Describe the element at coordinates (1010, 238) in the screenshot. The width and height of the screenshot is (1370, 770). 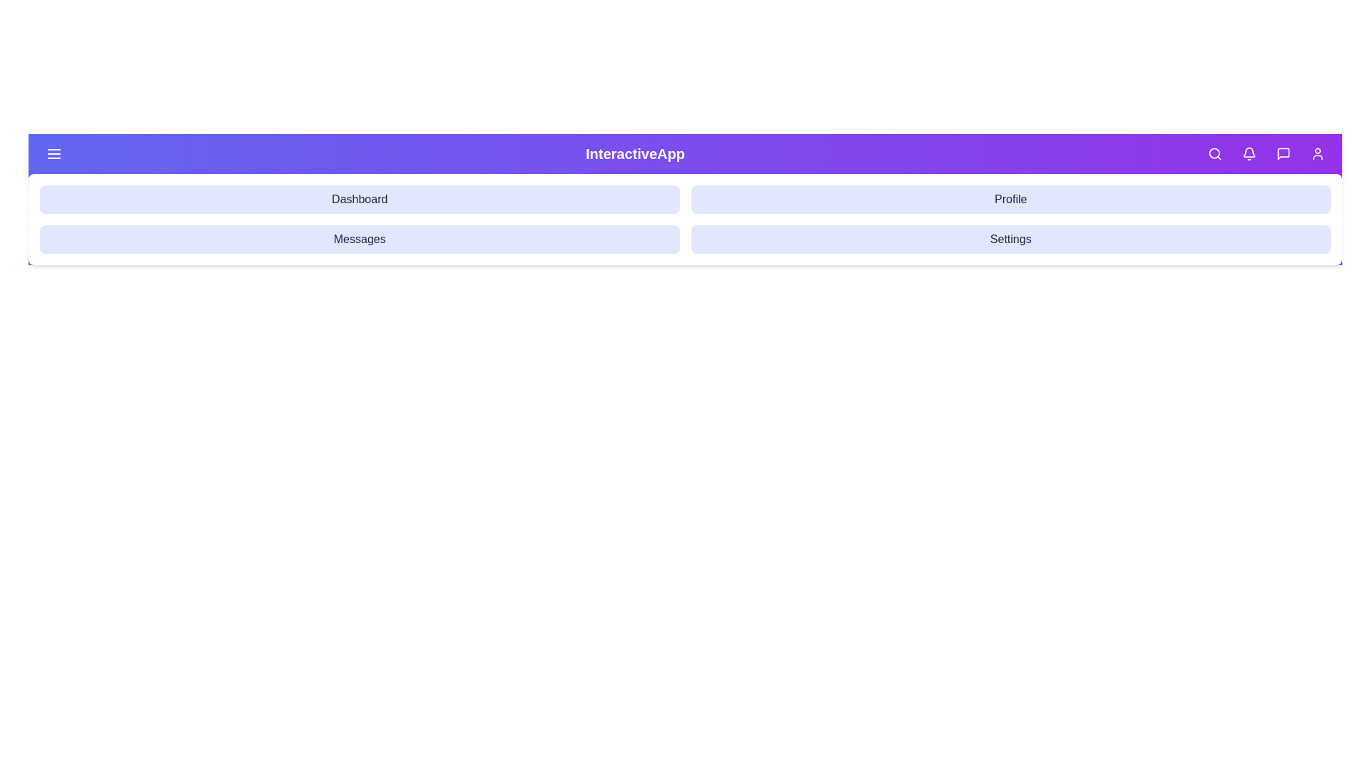
I see `the navigation option Settings to navigate to the corresponding section` at that location.